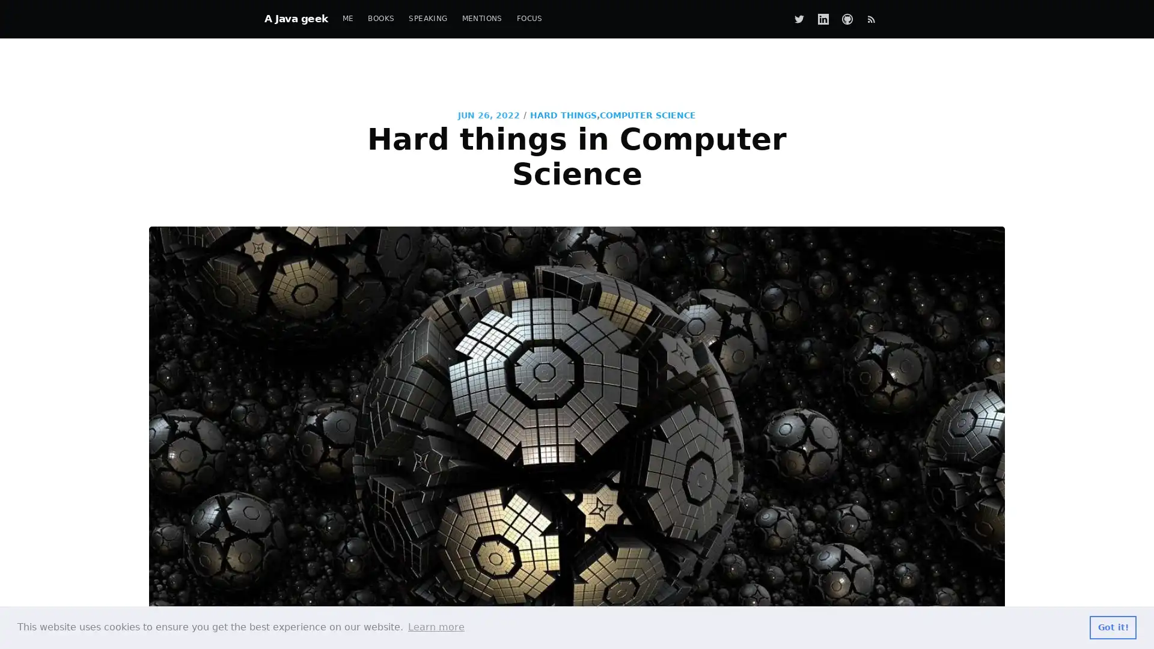  I want to click on dismiss cookie message, so click(1113, 627).